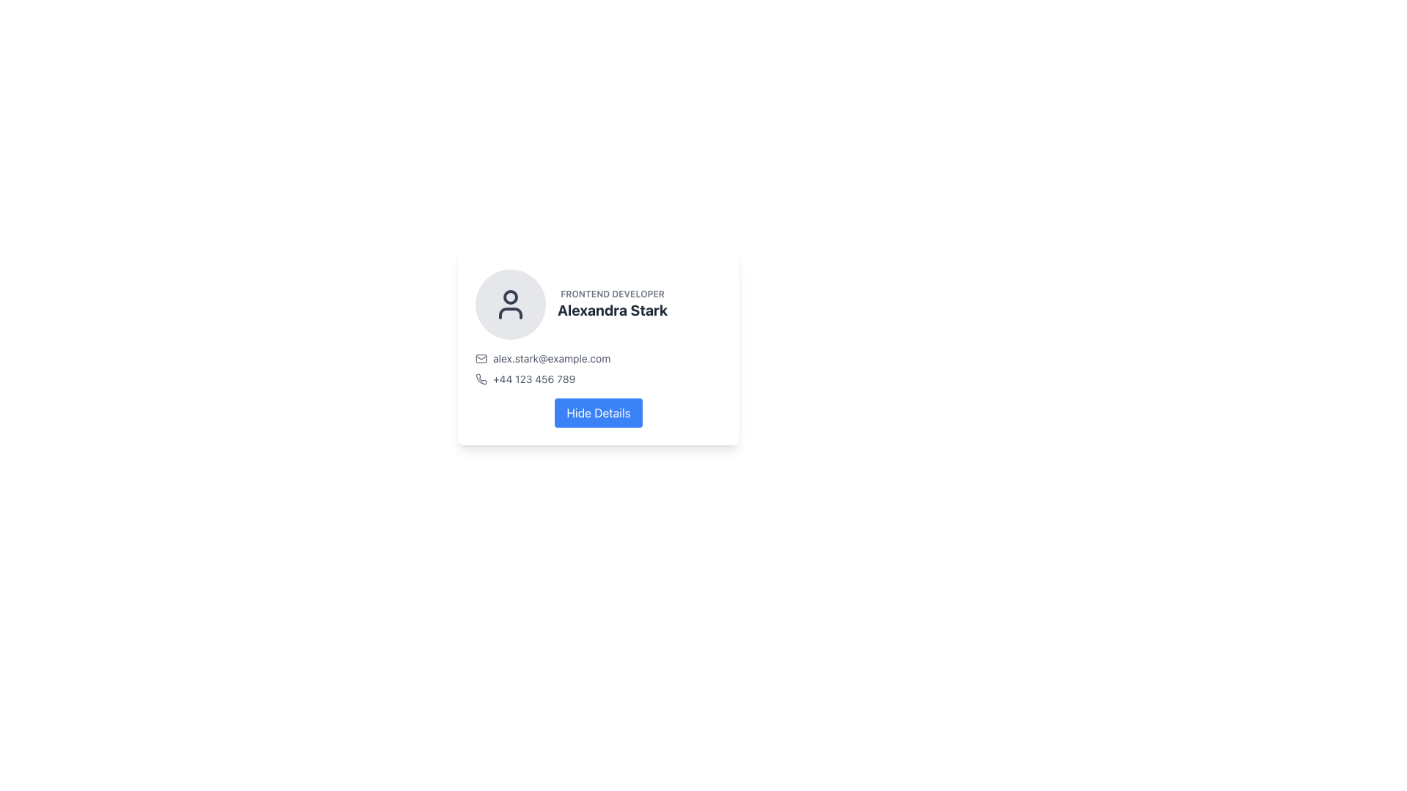  I want to click on the textual content of the Card header section which displays the user's role and name, located in the top section of the modal-like card structure, so click(598, 304).